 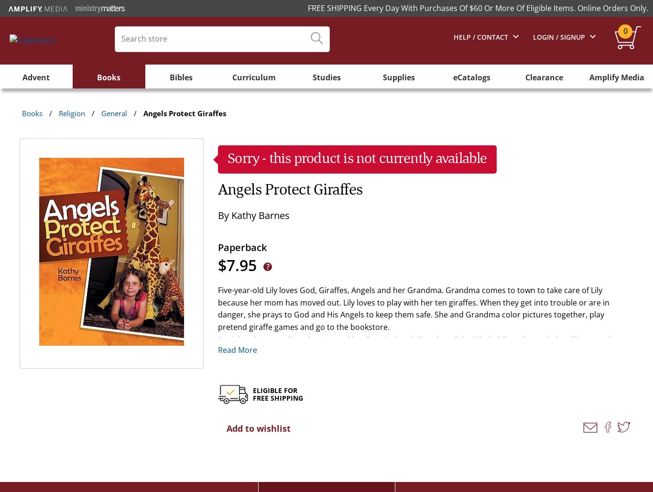 What do you see at coordinates (113, 112) in the screenshot?
I see `'General'` at bounding box center [113, 112].